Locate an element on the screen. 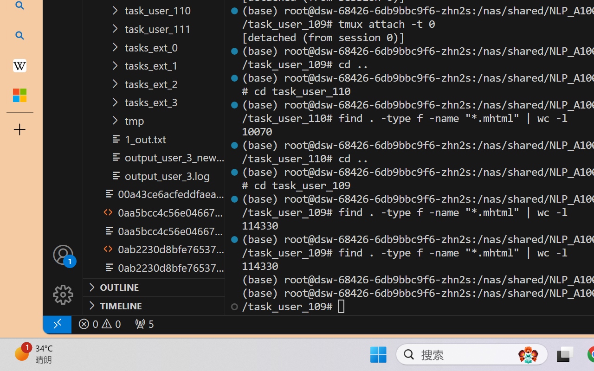  'Accounts - Sign in requested' is located at coordinates (62, 254).